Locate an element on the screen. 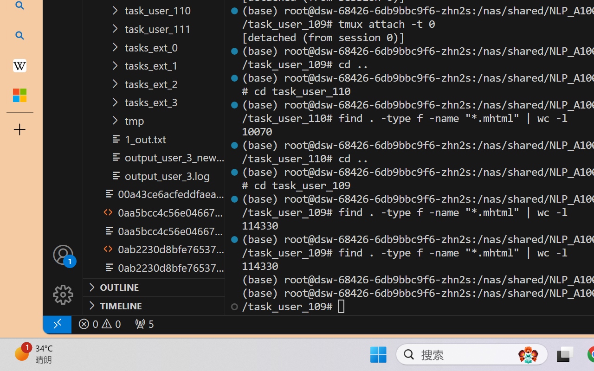  'Accounts - Sign in requested' is located at coordinates (62, 254).